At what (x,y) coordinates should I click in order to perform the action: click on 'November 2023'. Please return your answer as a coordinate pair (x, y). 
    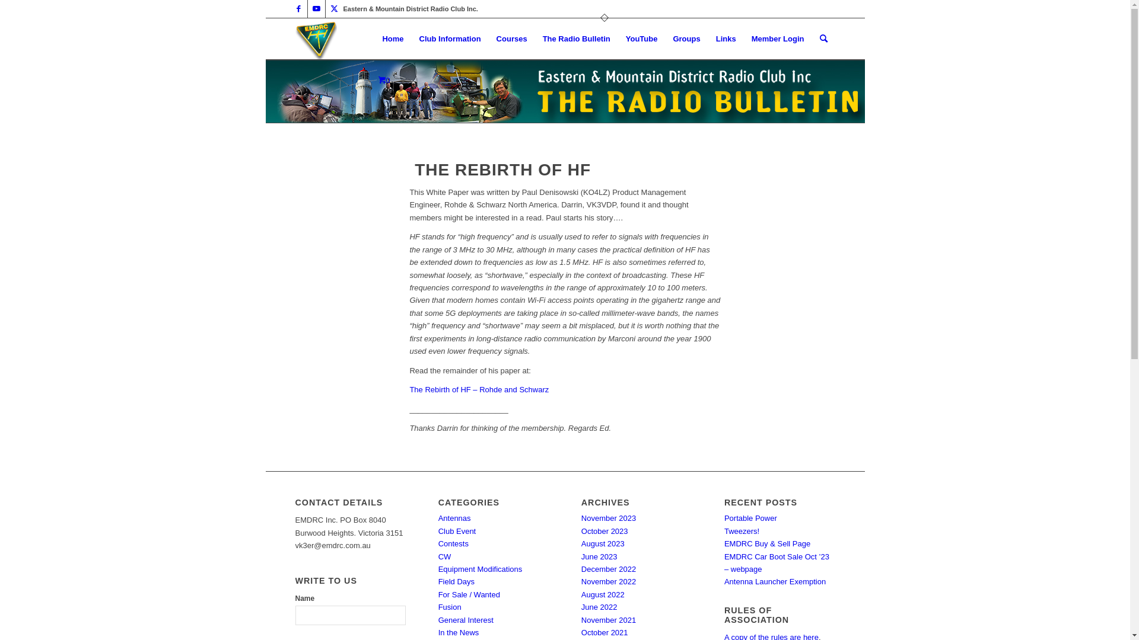
    Looking at the image, I should click on (609, 517).